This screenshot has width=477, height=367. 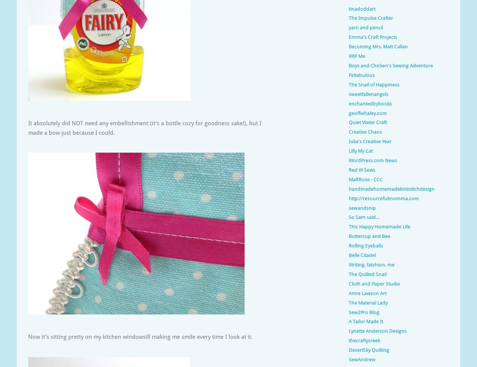 What do you see at coordinates (364, 217) in the screenshot?
I see `'So Sam said...'` at bounding box center [364, 217].